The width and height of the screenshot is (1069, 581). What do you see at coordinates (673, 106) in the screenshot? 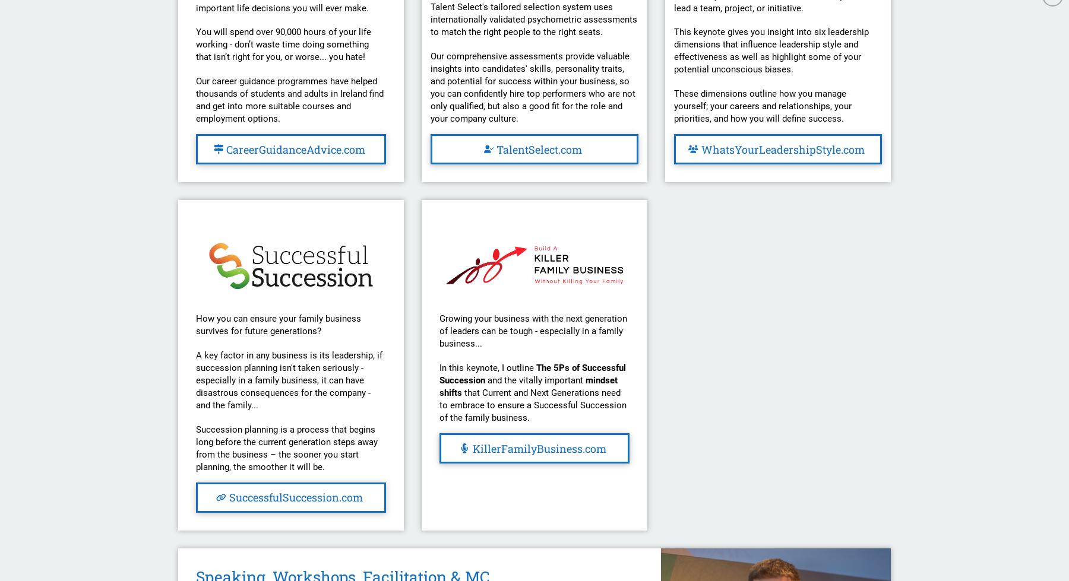
I see `'These dimensions outline how you manage yourself; your careers and relationships, your priorities, and how you will define success.'` at bounding box center [673, 106].